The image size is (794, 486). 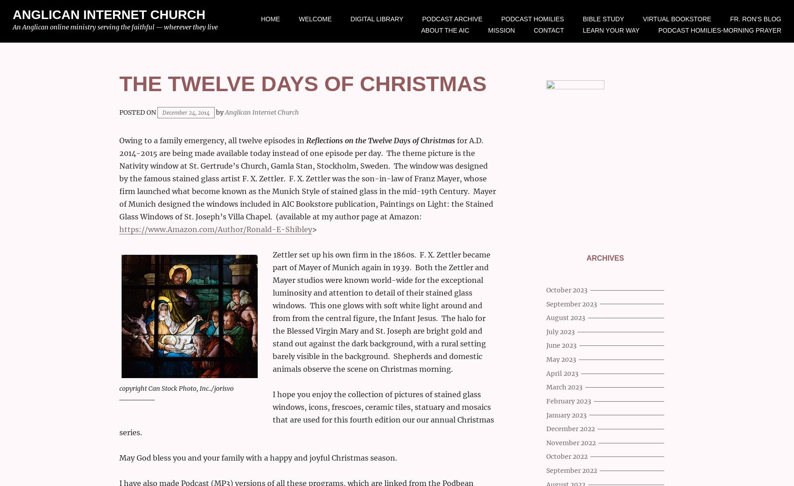 I want to click on 'Contact', so click(x=549, y=29).